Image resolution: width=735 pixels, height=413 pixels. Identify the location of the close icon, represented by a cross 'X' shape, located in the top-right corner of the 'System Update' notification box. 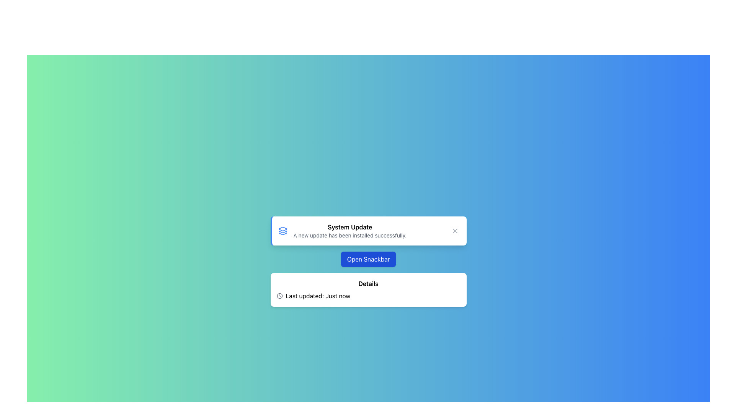
(455, 231).